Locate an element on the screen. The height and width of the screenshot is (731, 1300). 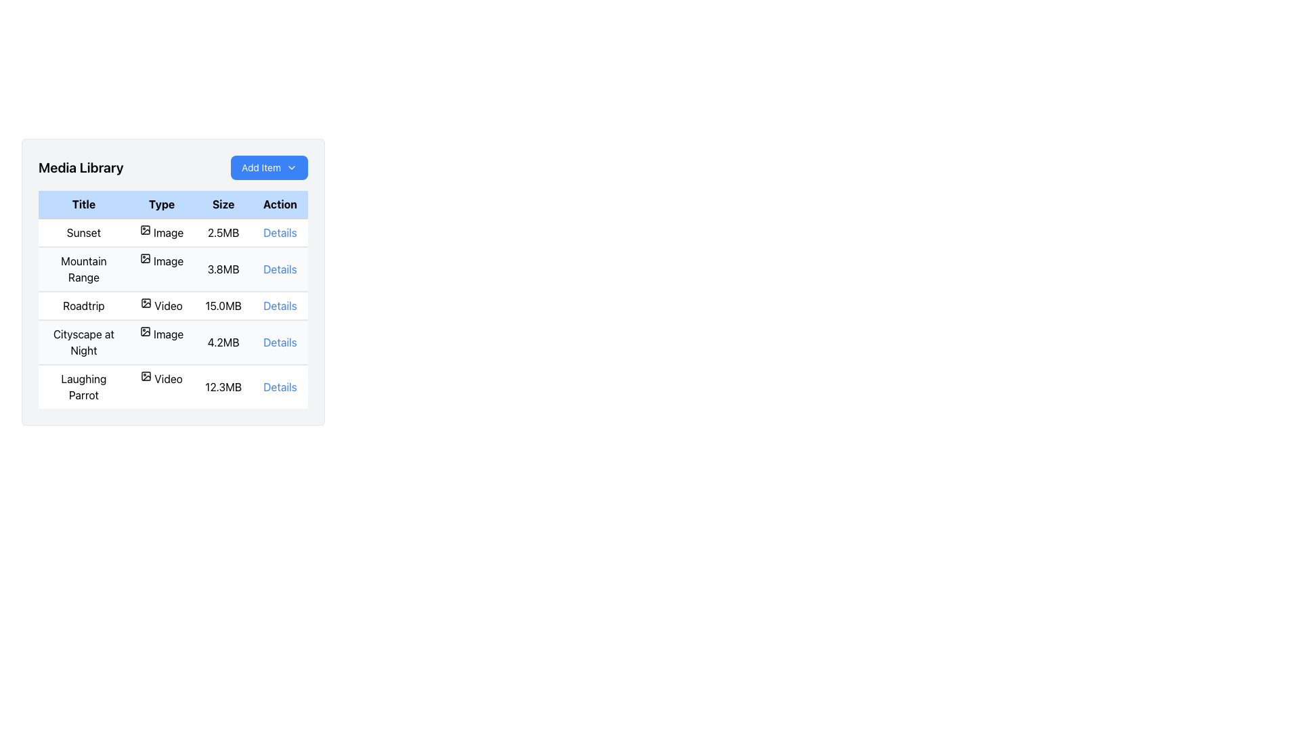
the interactive text hyperlink in the 'Action' column of the 'Media Library' table that leads to more information about 'Cityscape at Night' is located at coordinates (279, 341).